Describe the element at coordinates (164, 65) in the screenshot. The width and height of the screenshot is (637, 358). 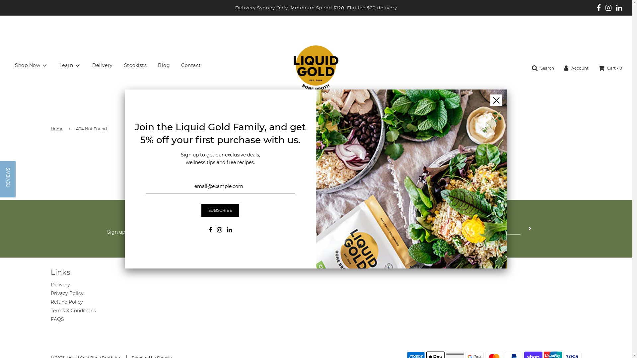
I see `'Blog'` at that location.